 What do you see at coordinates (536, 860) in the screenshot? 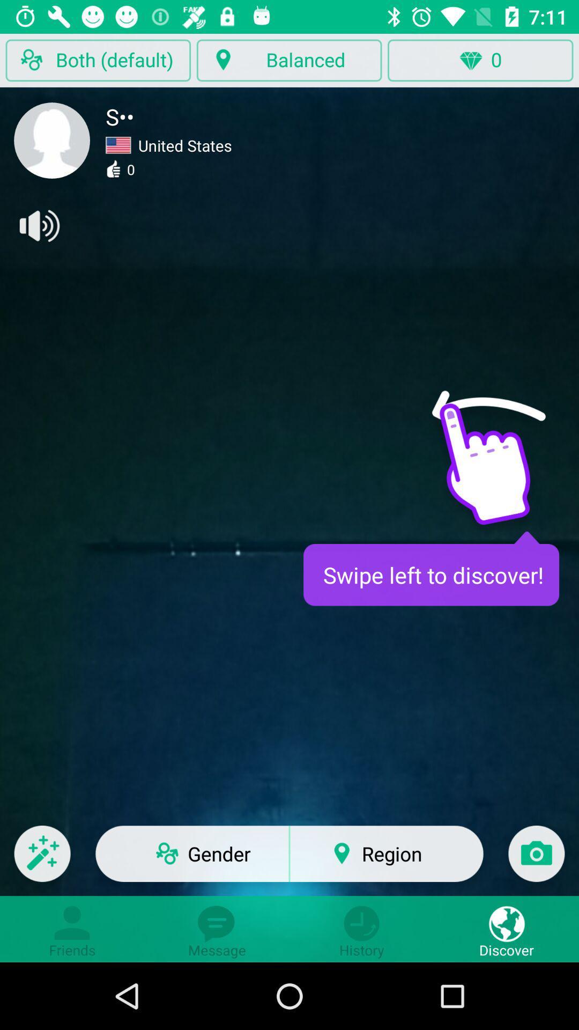
I see `take photo` at bounding box center [536, 860].